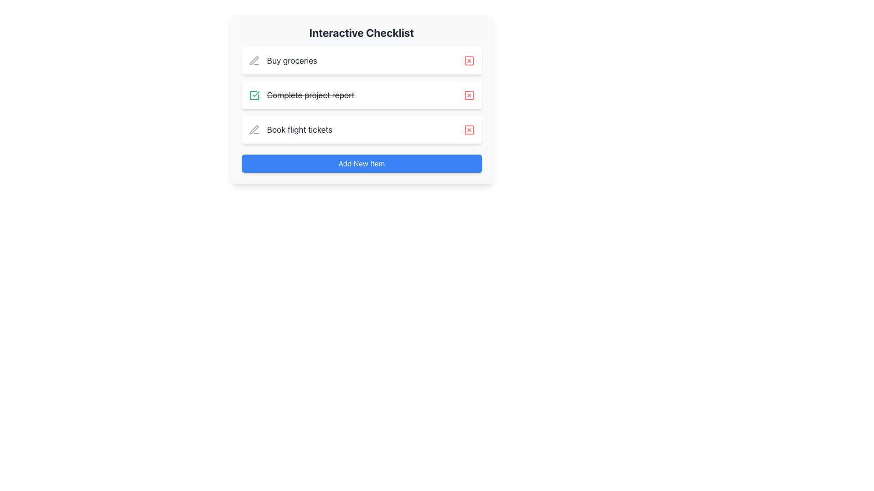  I want to click on the decorative SVG rectangle element that contributes to the cancel button design, located to the right of the 'Complete project report' list item, so click(469, 95).